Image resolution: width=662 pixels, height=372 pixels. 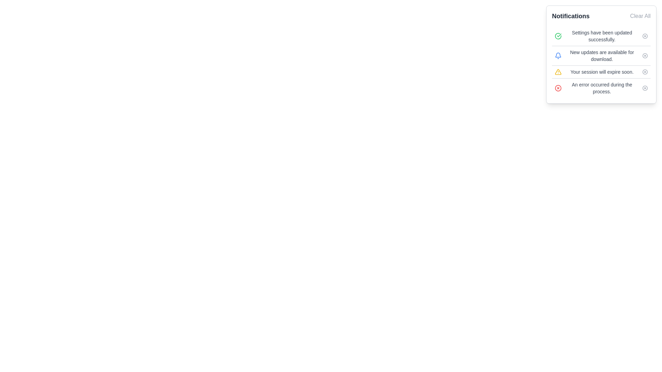 I want to click on the triangular yellow warning icon located next to the text 'Your session will expire soon' in the third notification of the notification list, so click(x=558, y=72).